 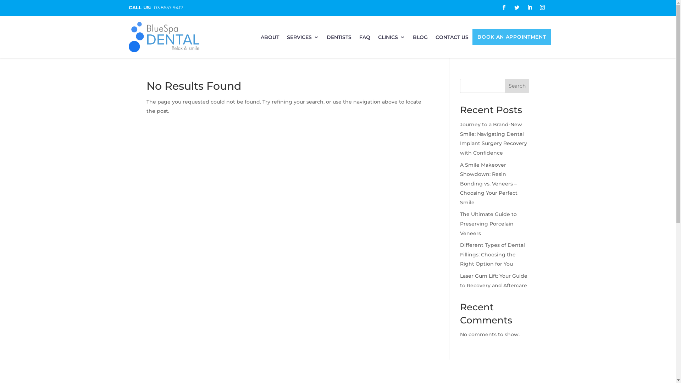 I want to click on 'Search', so click(x=504, y=85).